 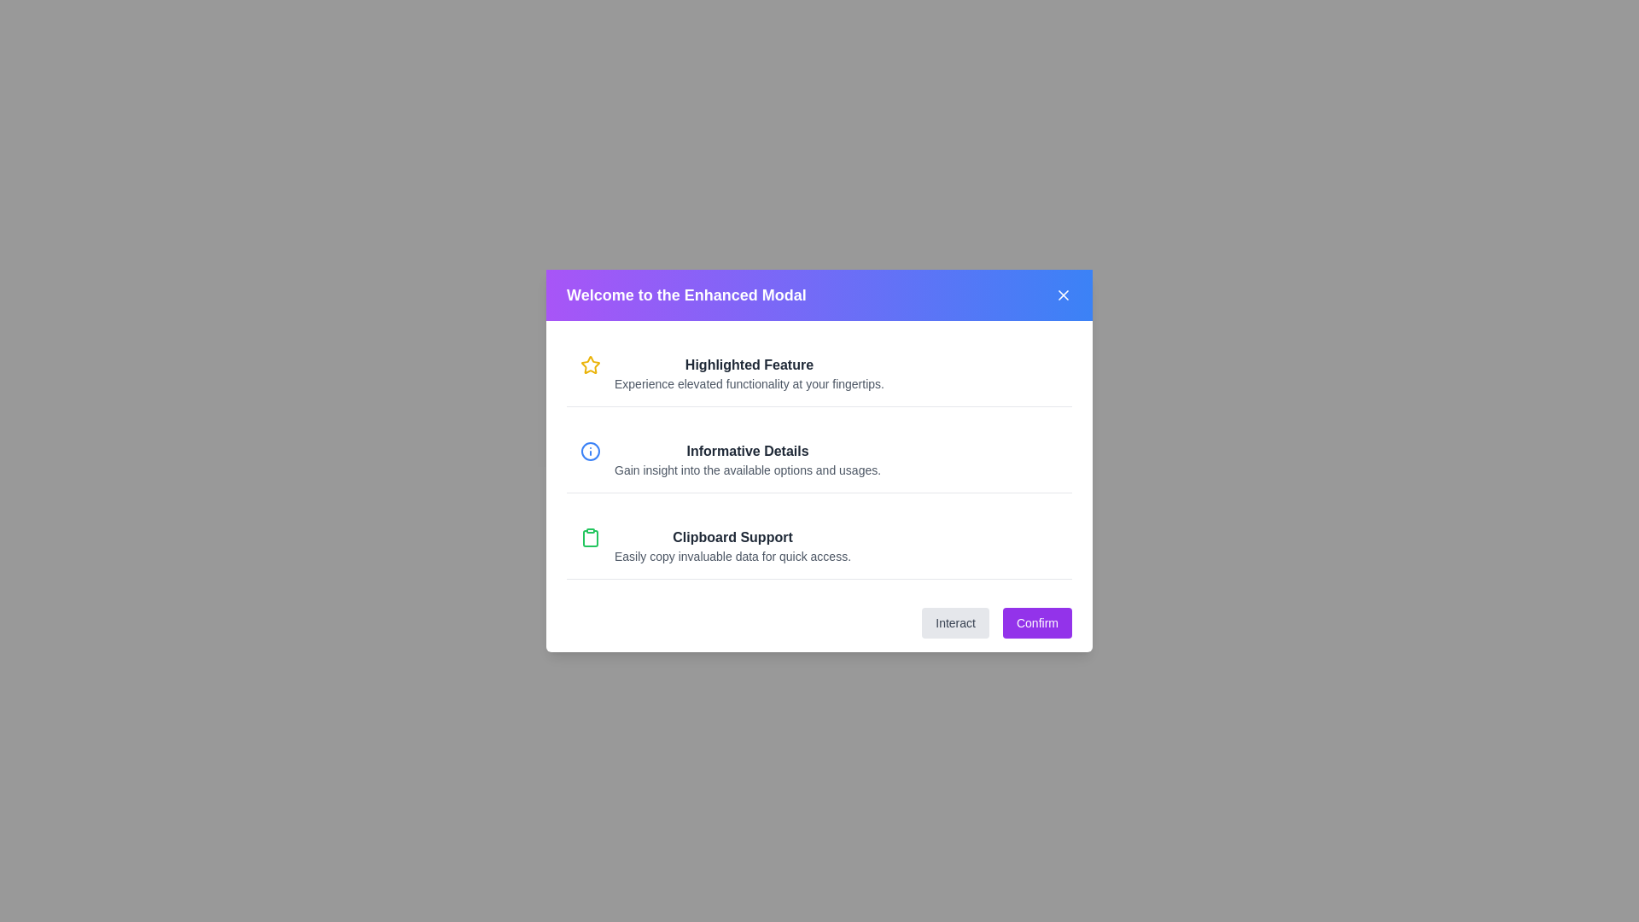 I want to click on the 'X' icon in the top-right corner of the modal window to change its appearance, so click(x=1062, y=295).